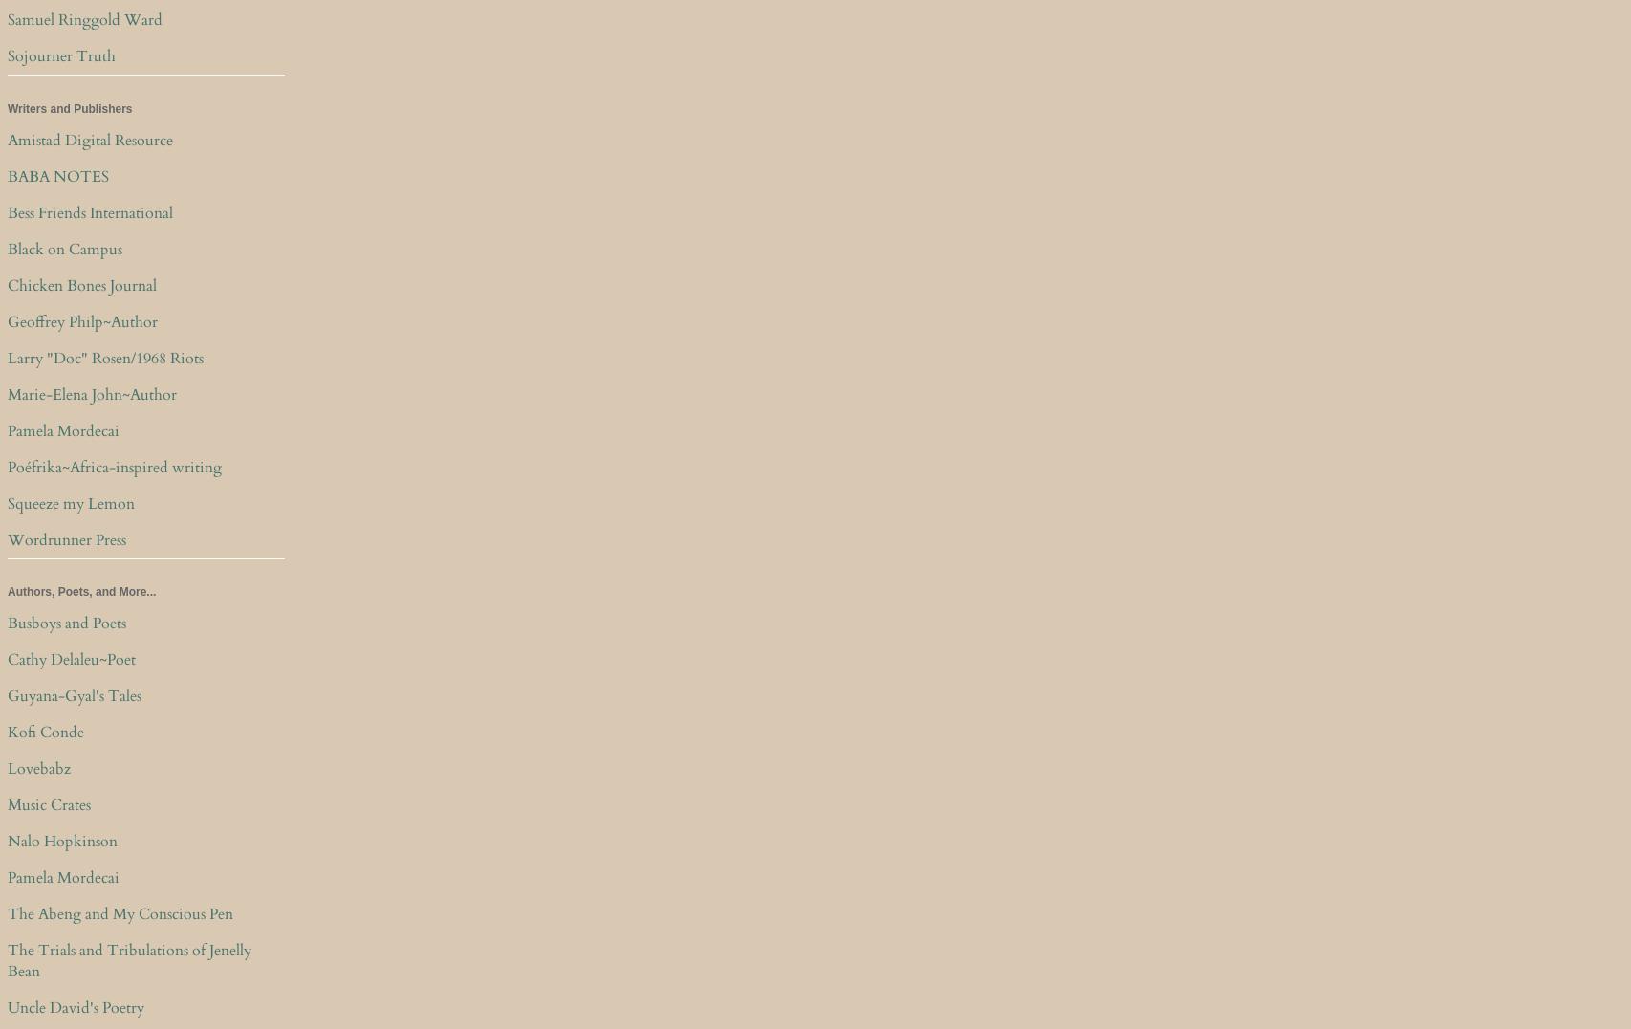  What do you see at coordinates (120, 912) in the screenshot?
I see `'The Abeng and My Conscious Pen'` at bounding box center [120, 912].